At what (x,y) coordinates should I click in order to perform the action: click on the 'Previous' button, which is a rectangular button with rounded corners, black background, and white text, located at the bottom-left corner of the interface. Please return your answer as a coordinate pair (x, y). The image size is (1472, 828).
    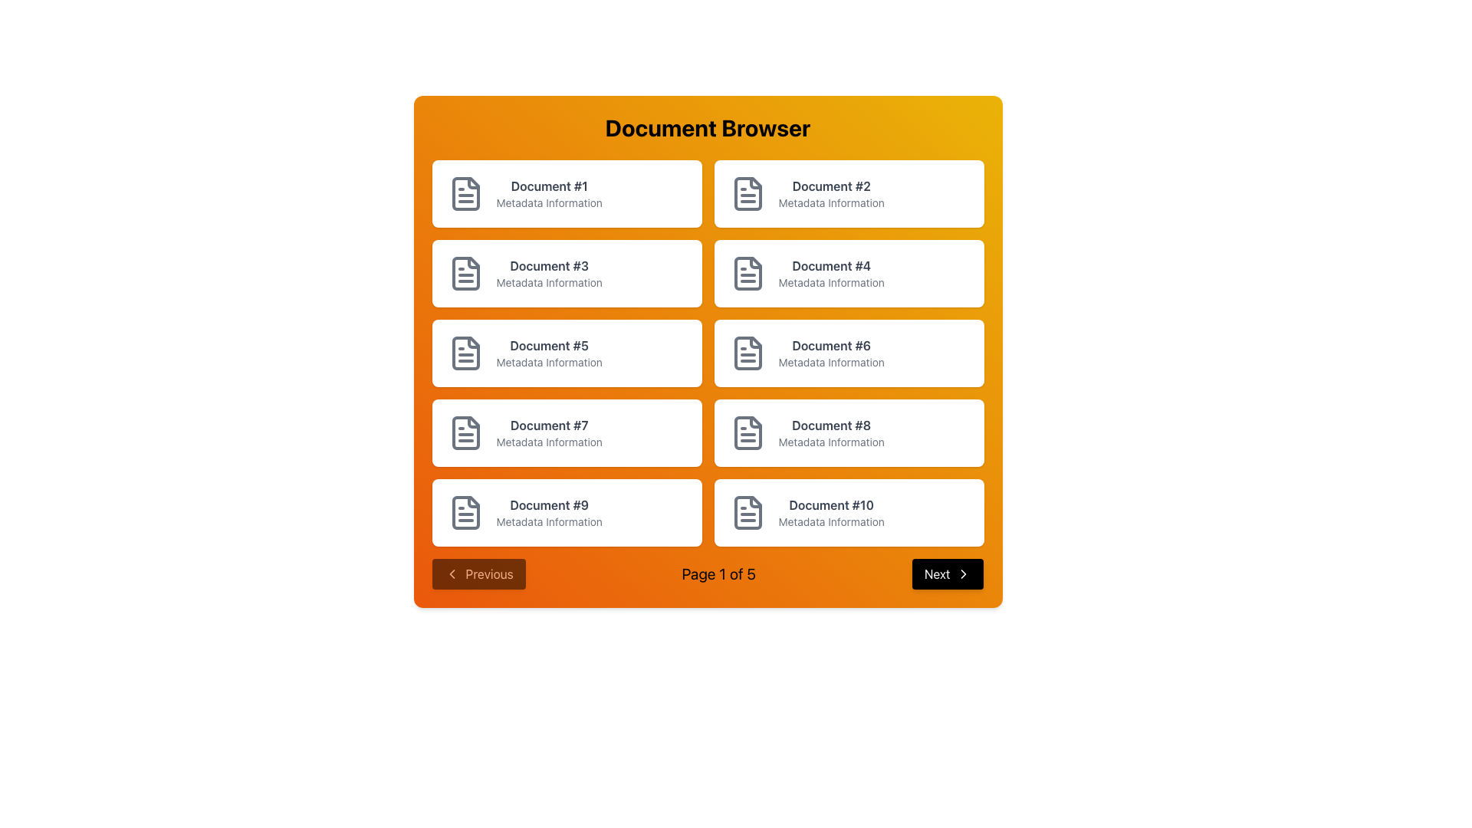
    Looking at the image, I should click on (478, 573).